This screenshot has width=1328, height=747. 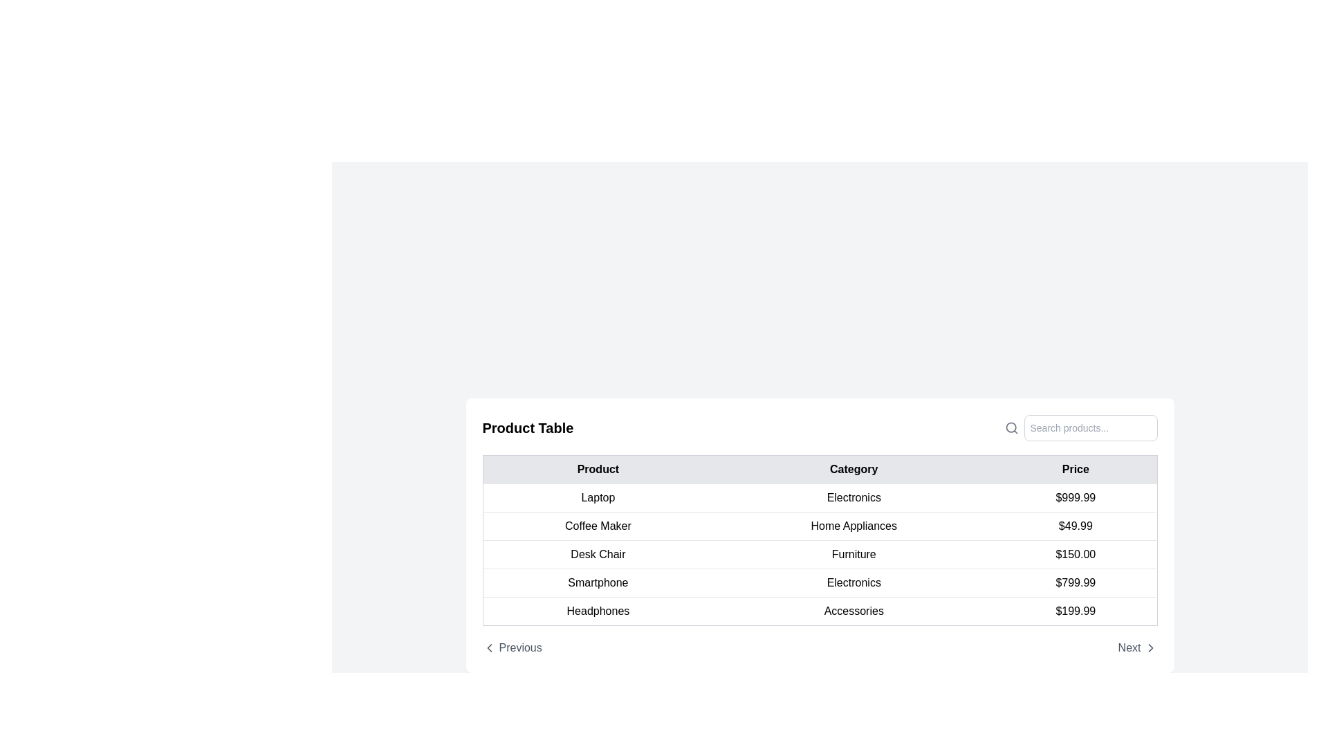 What do you see at coordinates (853, 526) in the screenshot?
I see `the text label` at bounding box center [853, 526].